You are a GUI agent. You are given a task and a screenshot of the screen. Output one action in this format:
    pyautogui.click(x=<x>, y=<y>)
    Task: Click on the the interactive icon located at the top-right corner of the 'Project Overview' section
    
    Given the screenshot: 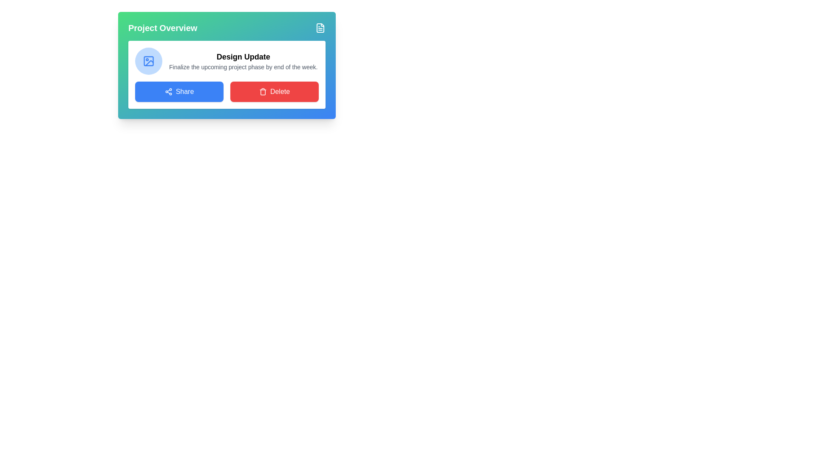 What is the action you would take?
    pyautogui.click(x=320, y=27)
    